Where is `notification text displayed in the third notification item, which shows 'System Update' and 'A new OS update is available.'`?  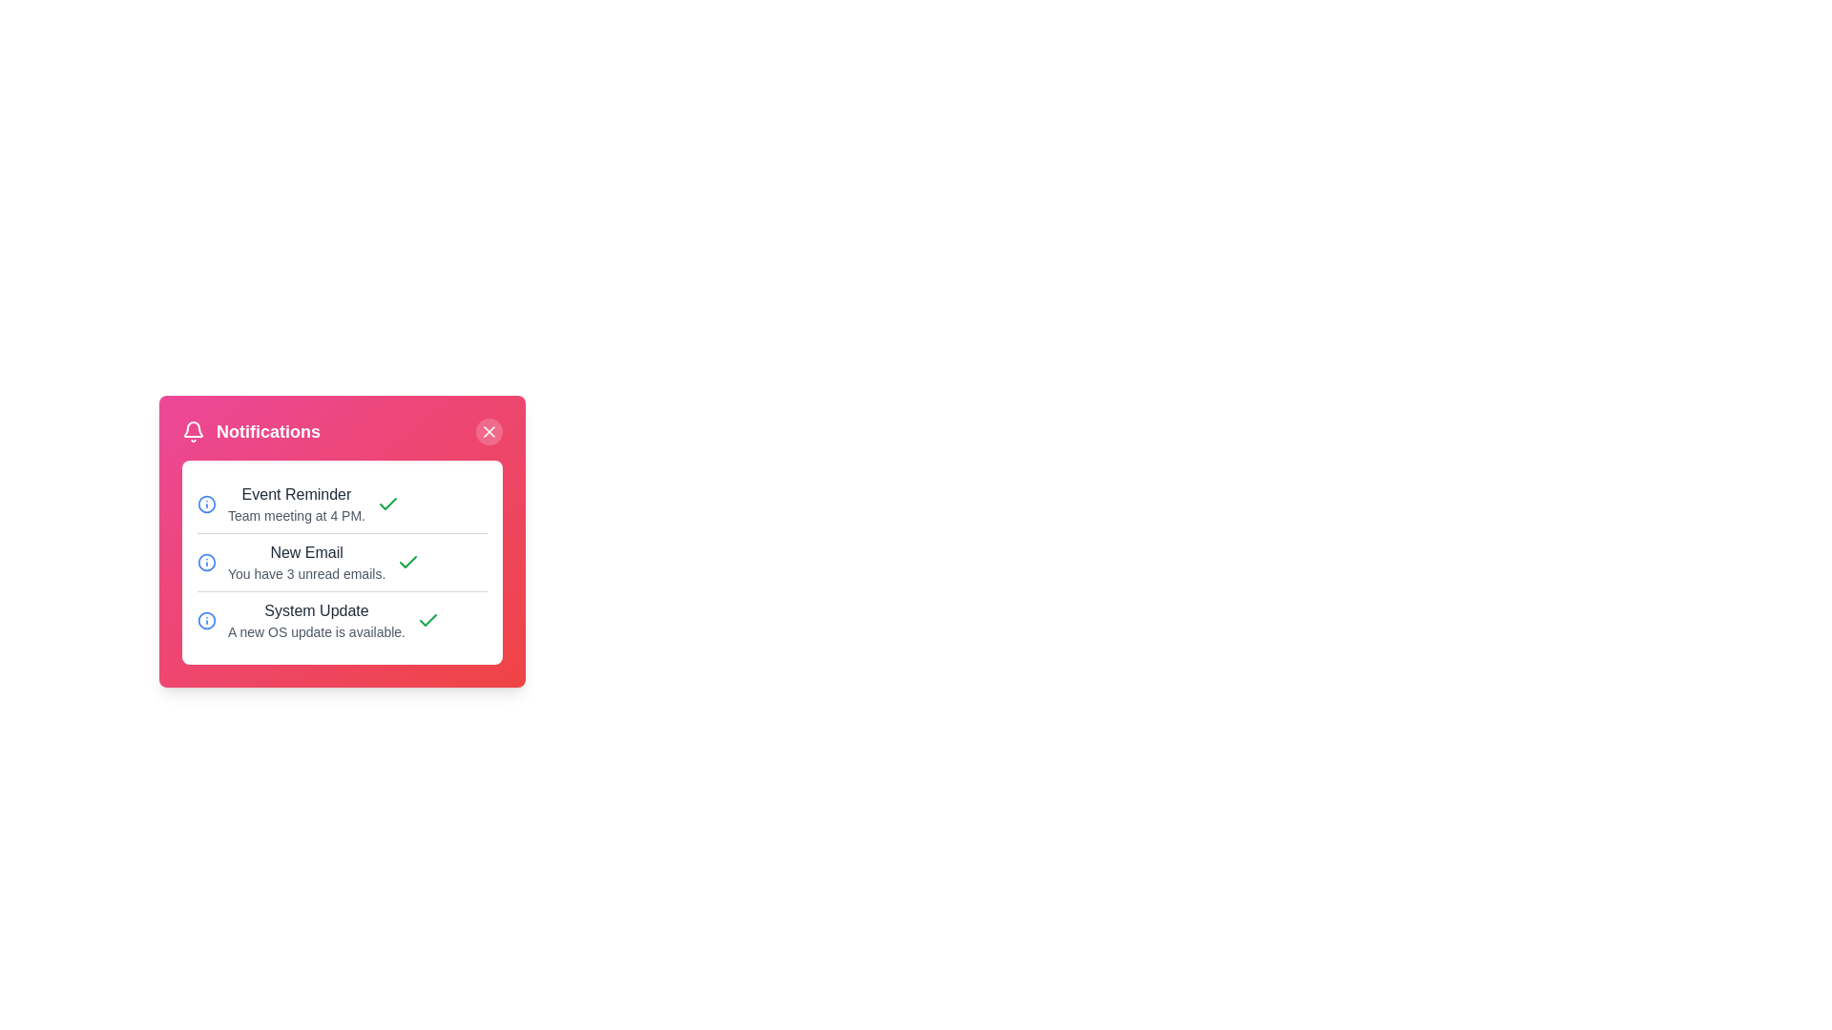 notification text displayed in the third notification item, which shows 'System Update' and 'A new OS update is available.' is located at coordinates (316, 621).